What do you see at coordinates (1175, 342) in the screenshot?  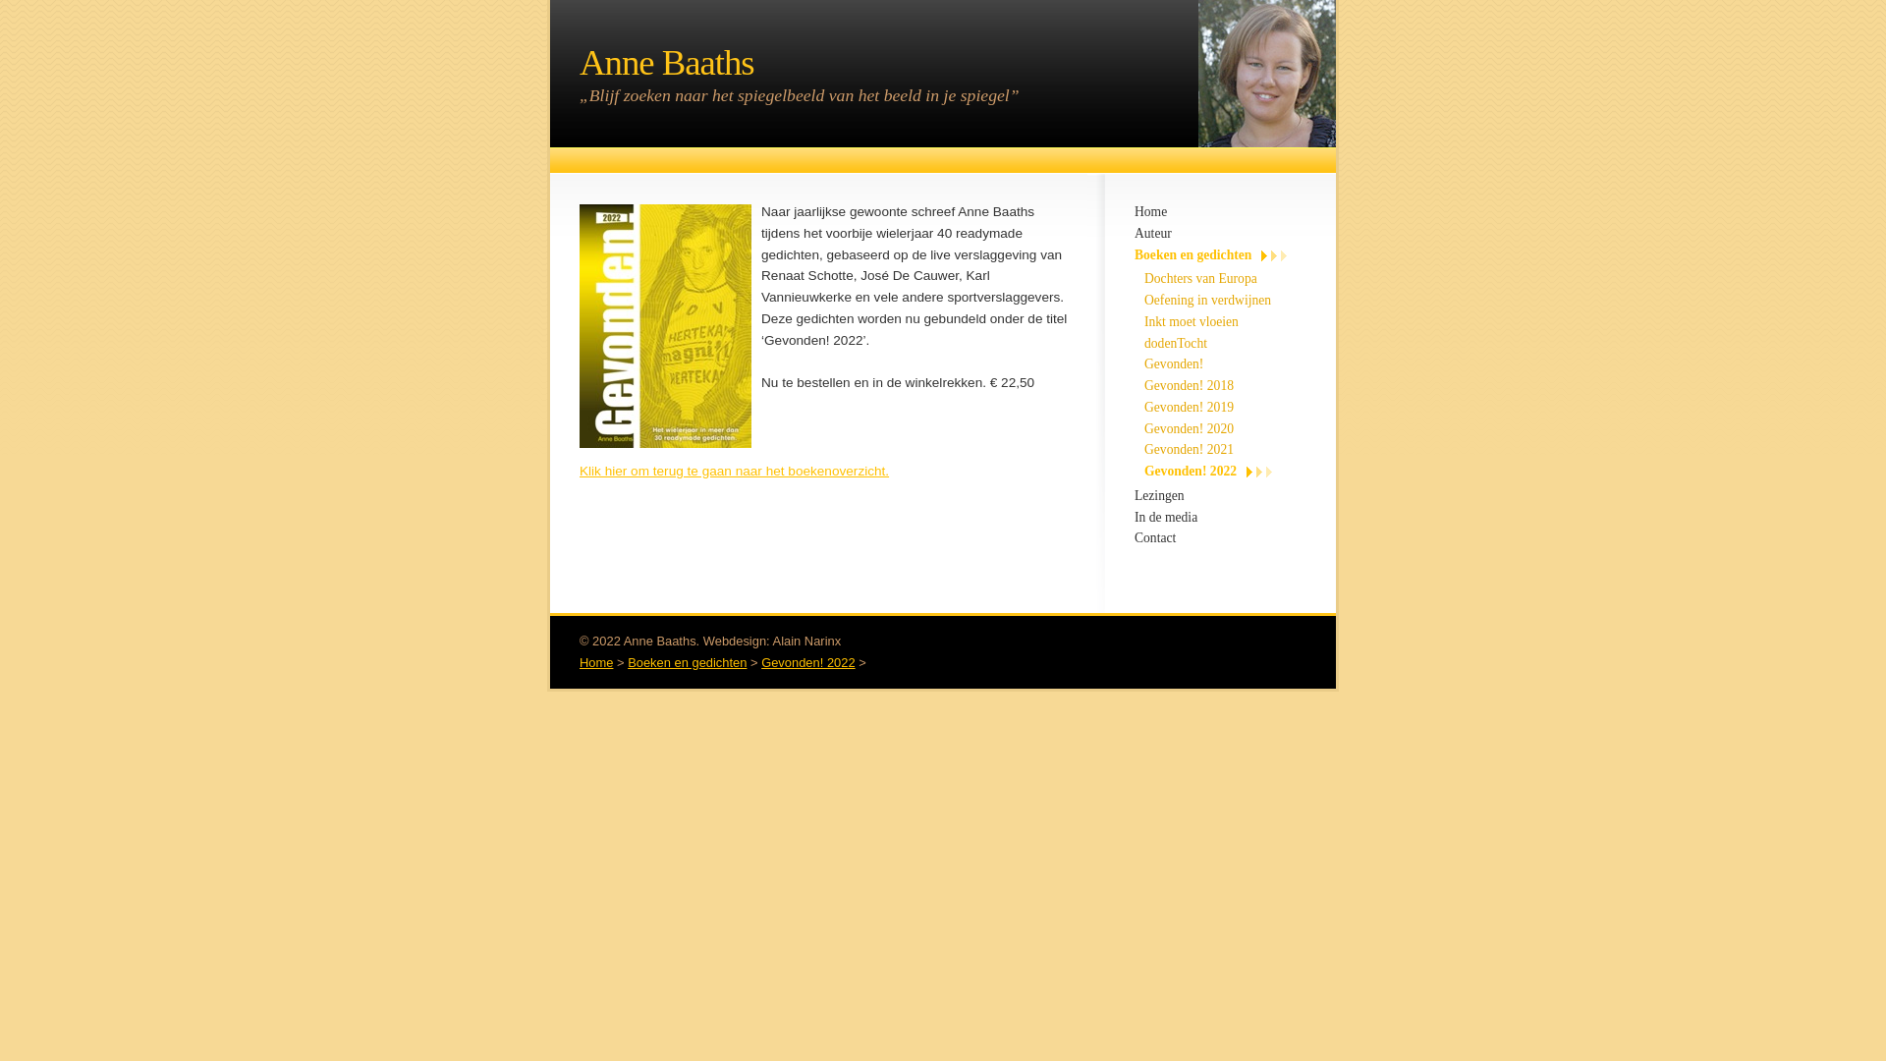 I see `'dodenTocht'` at bounding box center [1175, 342].